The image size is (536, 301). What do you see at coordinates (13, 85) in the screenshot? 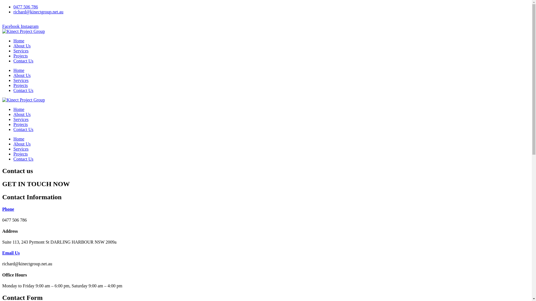
I see `'Projects'` at bounding box center [13, 85].